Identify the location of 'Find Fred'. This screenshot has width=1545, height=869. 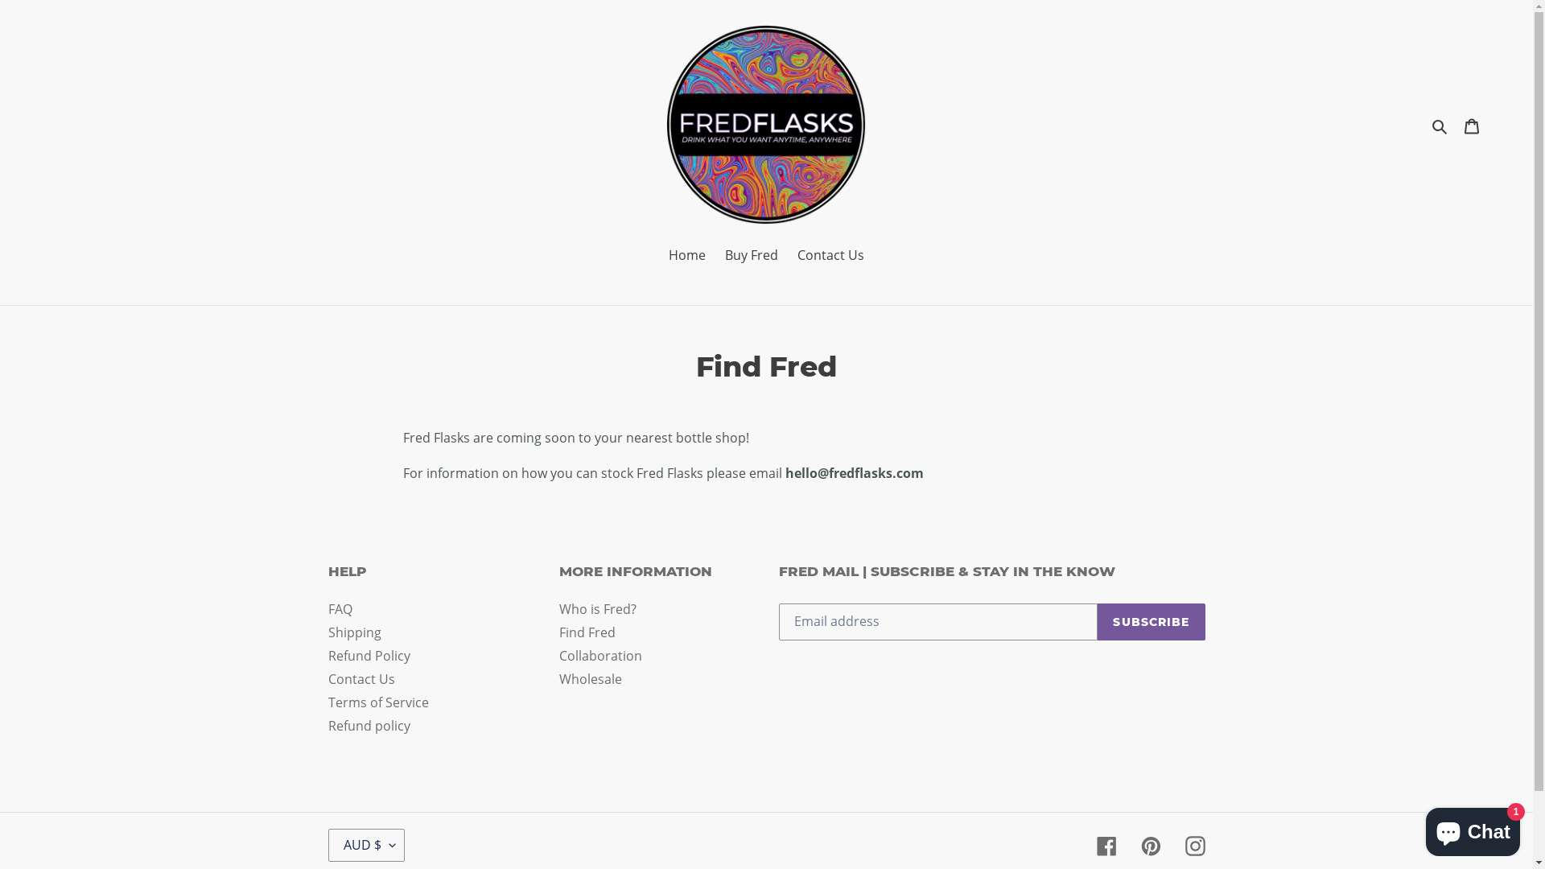
(559, 632).